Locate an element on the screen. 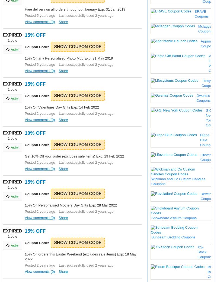 The height and width of the screenshot is (282, 217). '10% OFF' is located at coordinates (35, 133).